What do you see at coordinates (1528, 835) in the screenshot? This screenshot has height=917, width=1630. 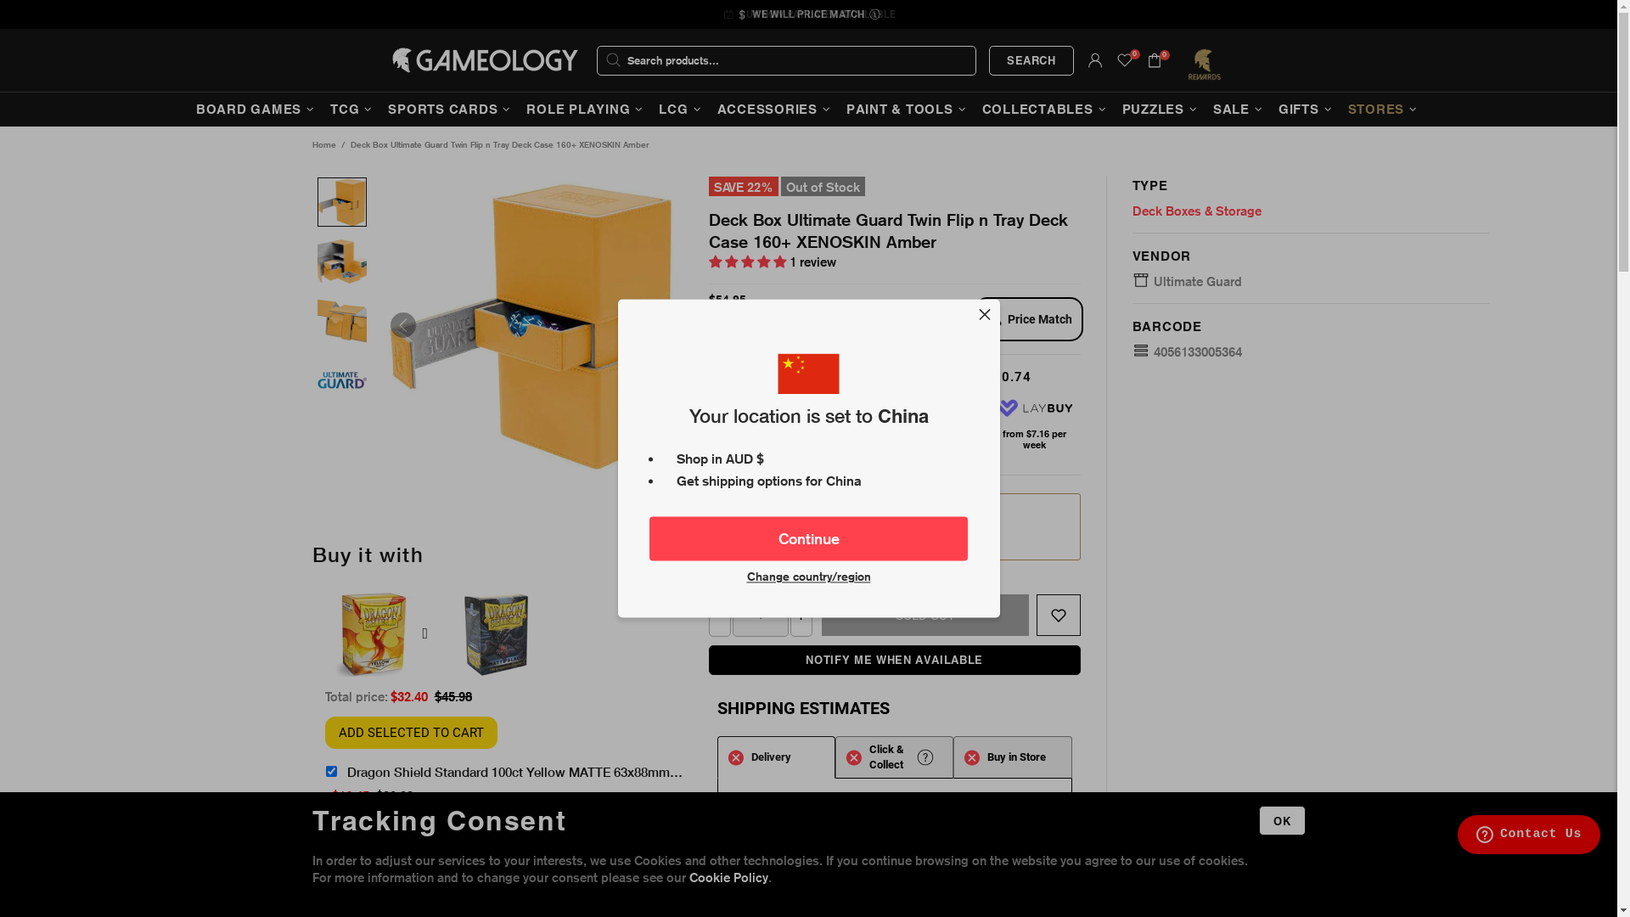 I see `'Opens a widget where you can find more information'` at bounding box center [1528, 835].